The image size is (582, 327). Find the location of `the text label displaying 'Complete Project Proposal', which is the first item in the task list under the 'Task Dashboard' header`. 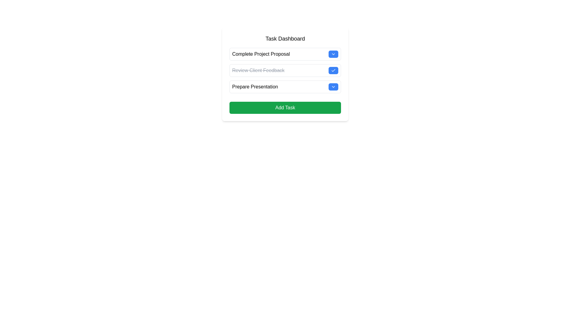

the text label displaying 'Complete Project Proposal', which is the first item in the task list under the 'Task Dashboard' header is located at coordinates (261, 54).